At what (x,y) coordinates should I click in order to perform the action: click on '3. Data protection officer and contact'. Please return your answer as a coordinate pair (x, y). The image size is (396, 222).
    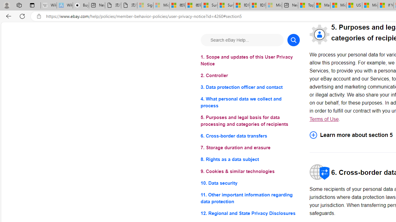
    Looking at the image, I should click on (250, 87).